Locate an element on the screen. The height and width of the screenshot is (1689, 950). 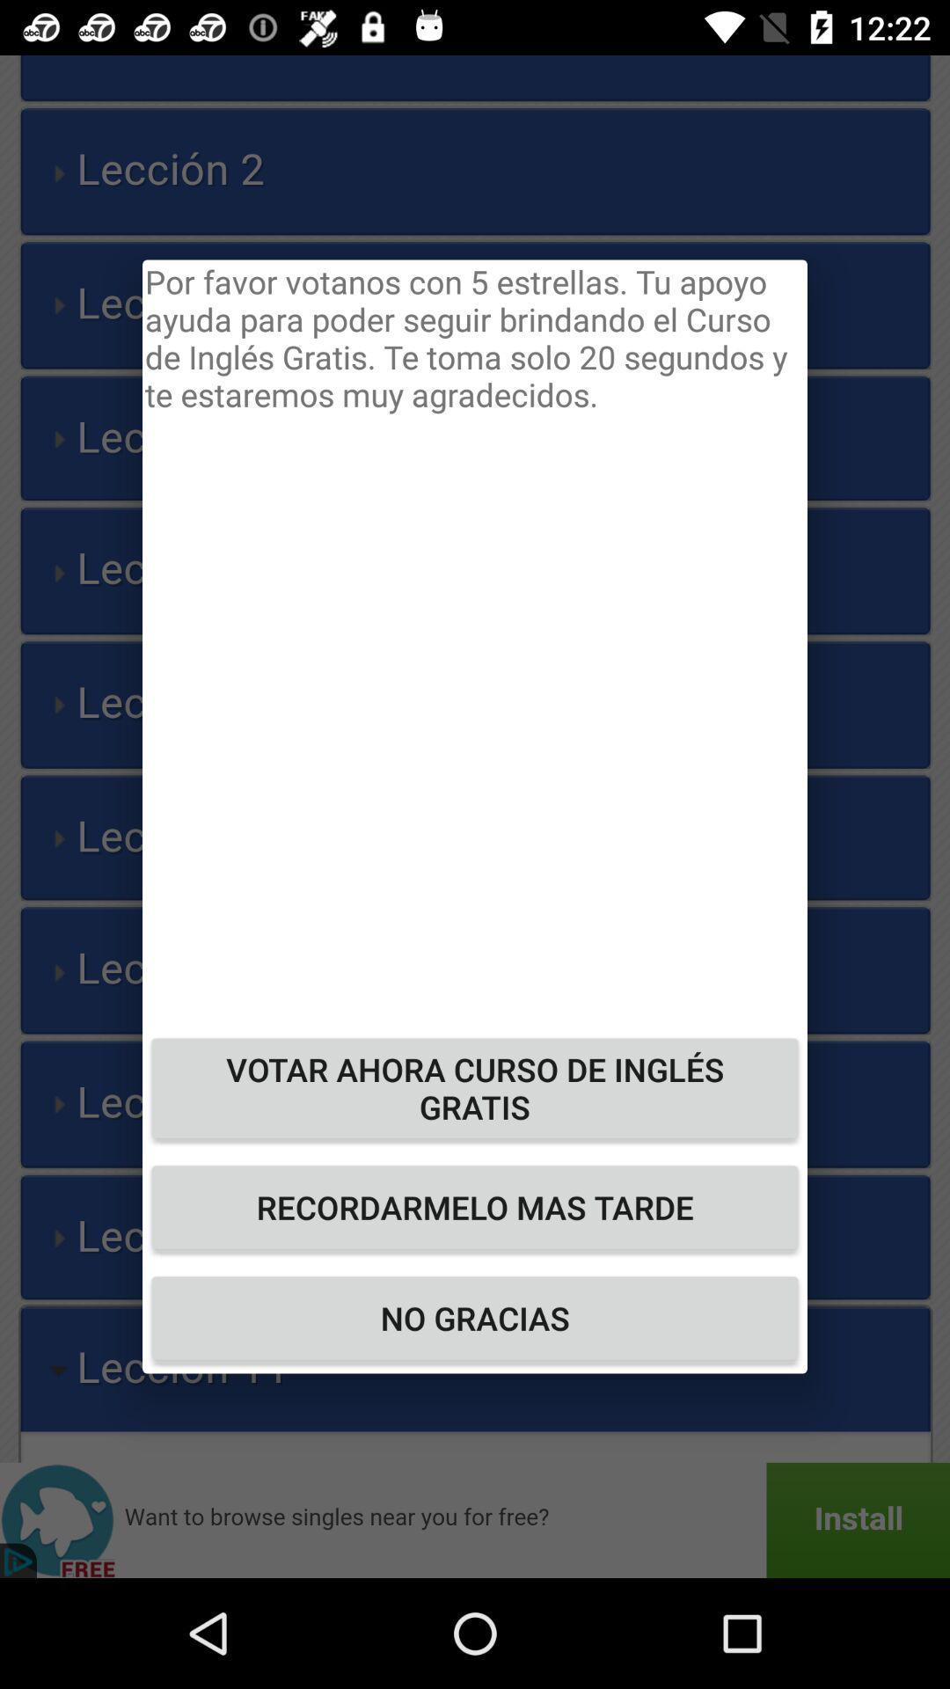
the item below votar ahora curso is located at coordinates (475, 1206).